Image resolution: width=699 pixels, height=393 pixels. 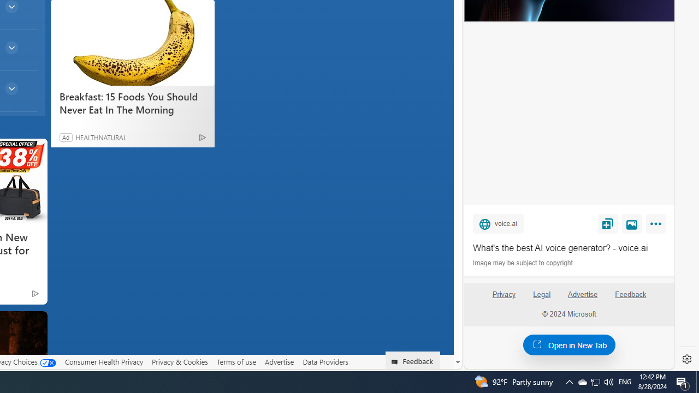 What do you see at coordinates (396, 362) in the screenshot?
I see `'Class: feedback_link_icon-DS-EntryPoint1-1'` at bounding box center [396, 362].